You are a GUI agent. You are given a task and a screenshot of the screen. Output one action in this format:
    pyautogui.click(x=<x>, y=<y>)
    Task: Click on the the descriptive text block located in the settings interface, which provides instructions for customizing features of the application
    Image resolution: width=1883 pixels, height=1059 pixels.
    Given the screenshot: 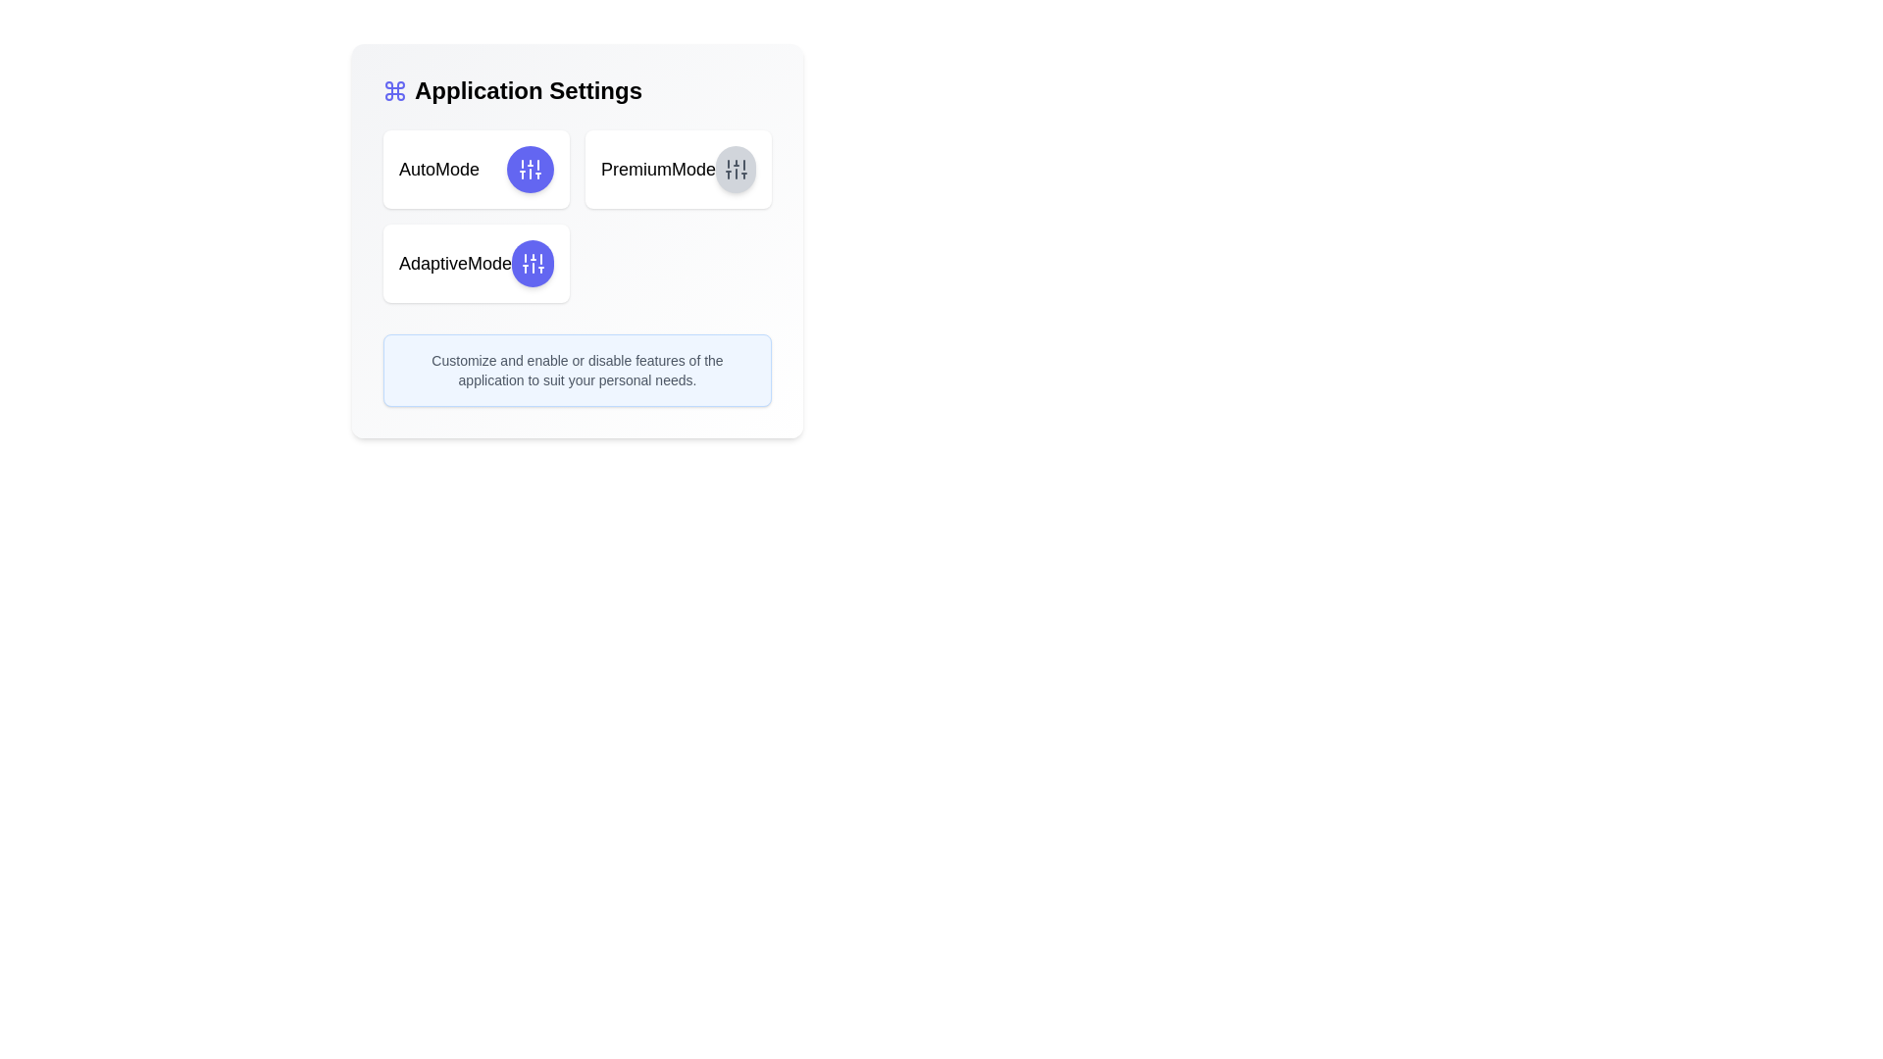 What is the action you would take?
    pyautogui.click(x=577, y=371)
    